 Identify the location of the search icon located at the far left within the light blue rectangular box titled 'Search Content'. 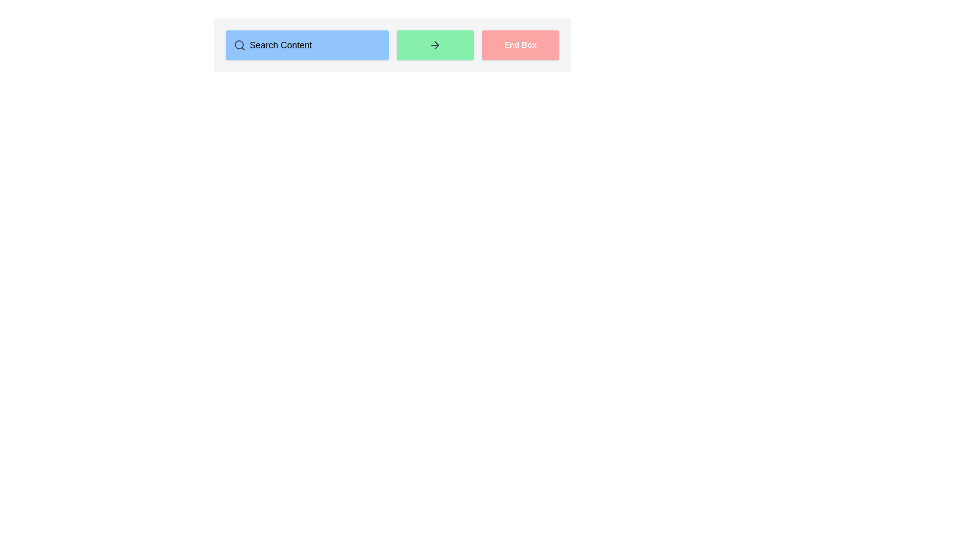
(239, 45).